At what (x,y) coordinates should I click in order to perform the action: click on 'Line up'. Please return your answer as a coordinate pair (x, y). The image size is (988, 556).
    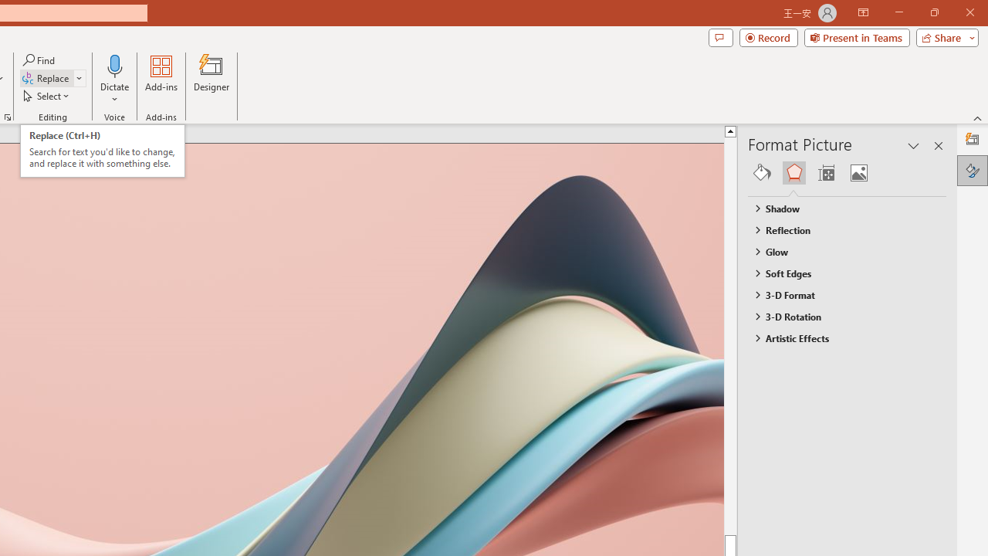
    Looking at the image, I should click on (759, 130).